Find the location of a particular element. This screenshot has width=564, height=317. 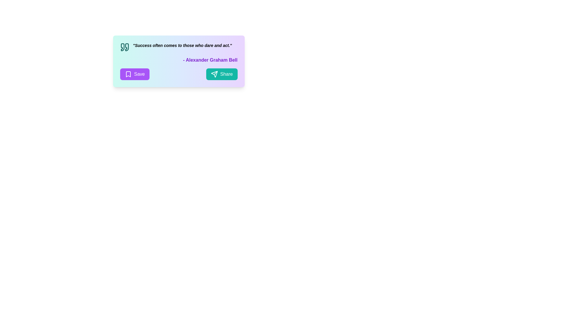

the 'Share' icon located at the leftmost part of the 'Share' button on the right-hand side of the UI card is located at coordinates (214, 74).